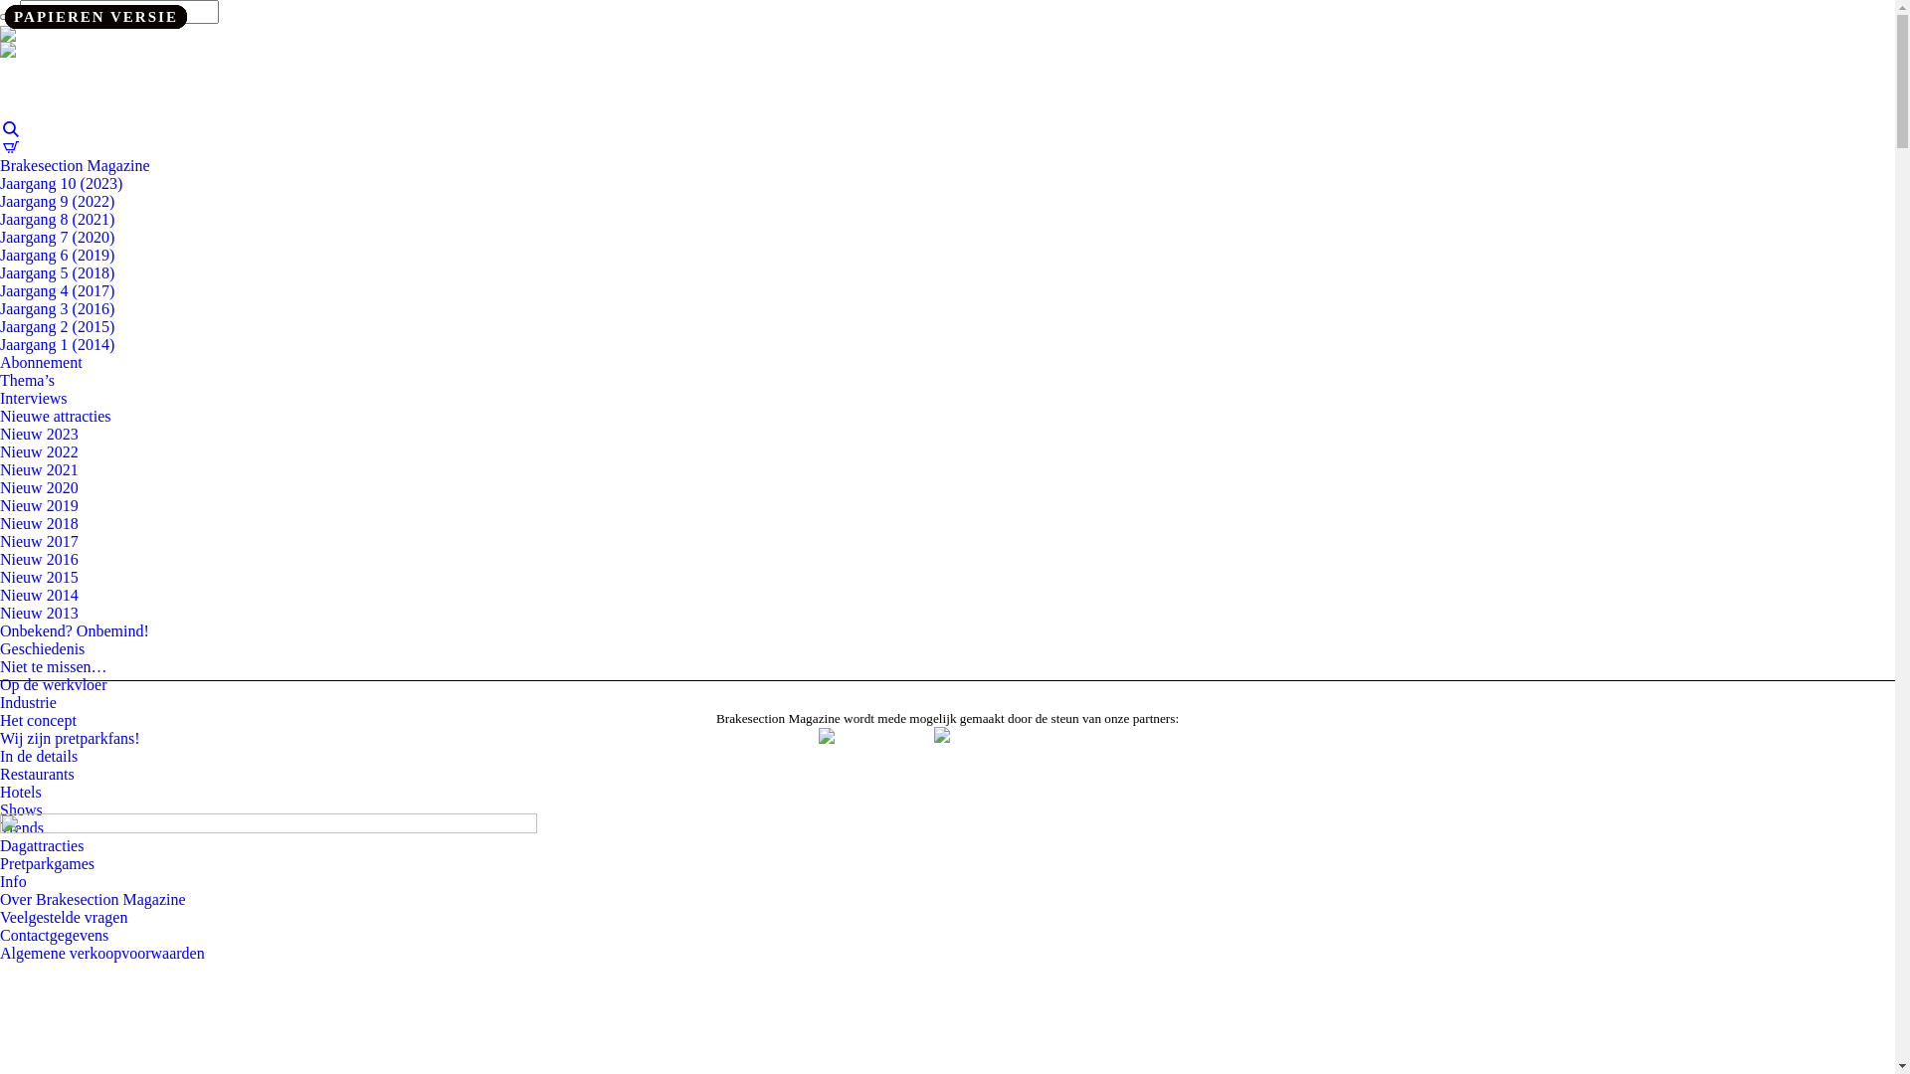 The width and height of the screenshot is (1910, 1074). Describe the element at coordinates (39, 577) in the screenshot. I see `'Nieuw 2015'` at that location.